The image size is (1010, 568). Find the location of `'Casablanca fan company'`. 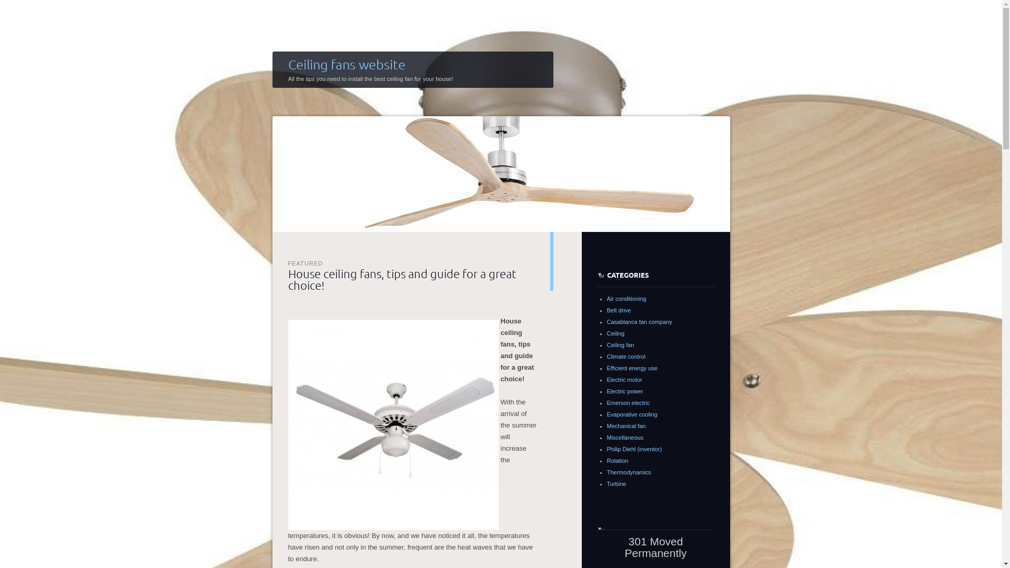

'Casablanca fan company' is located at coordinates (639, 321).